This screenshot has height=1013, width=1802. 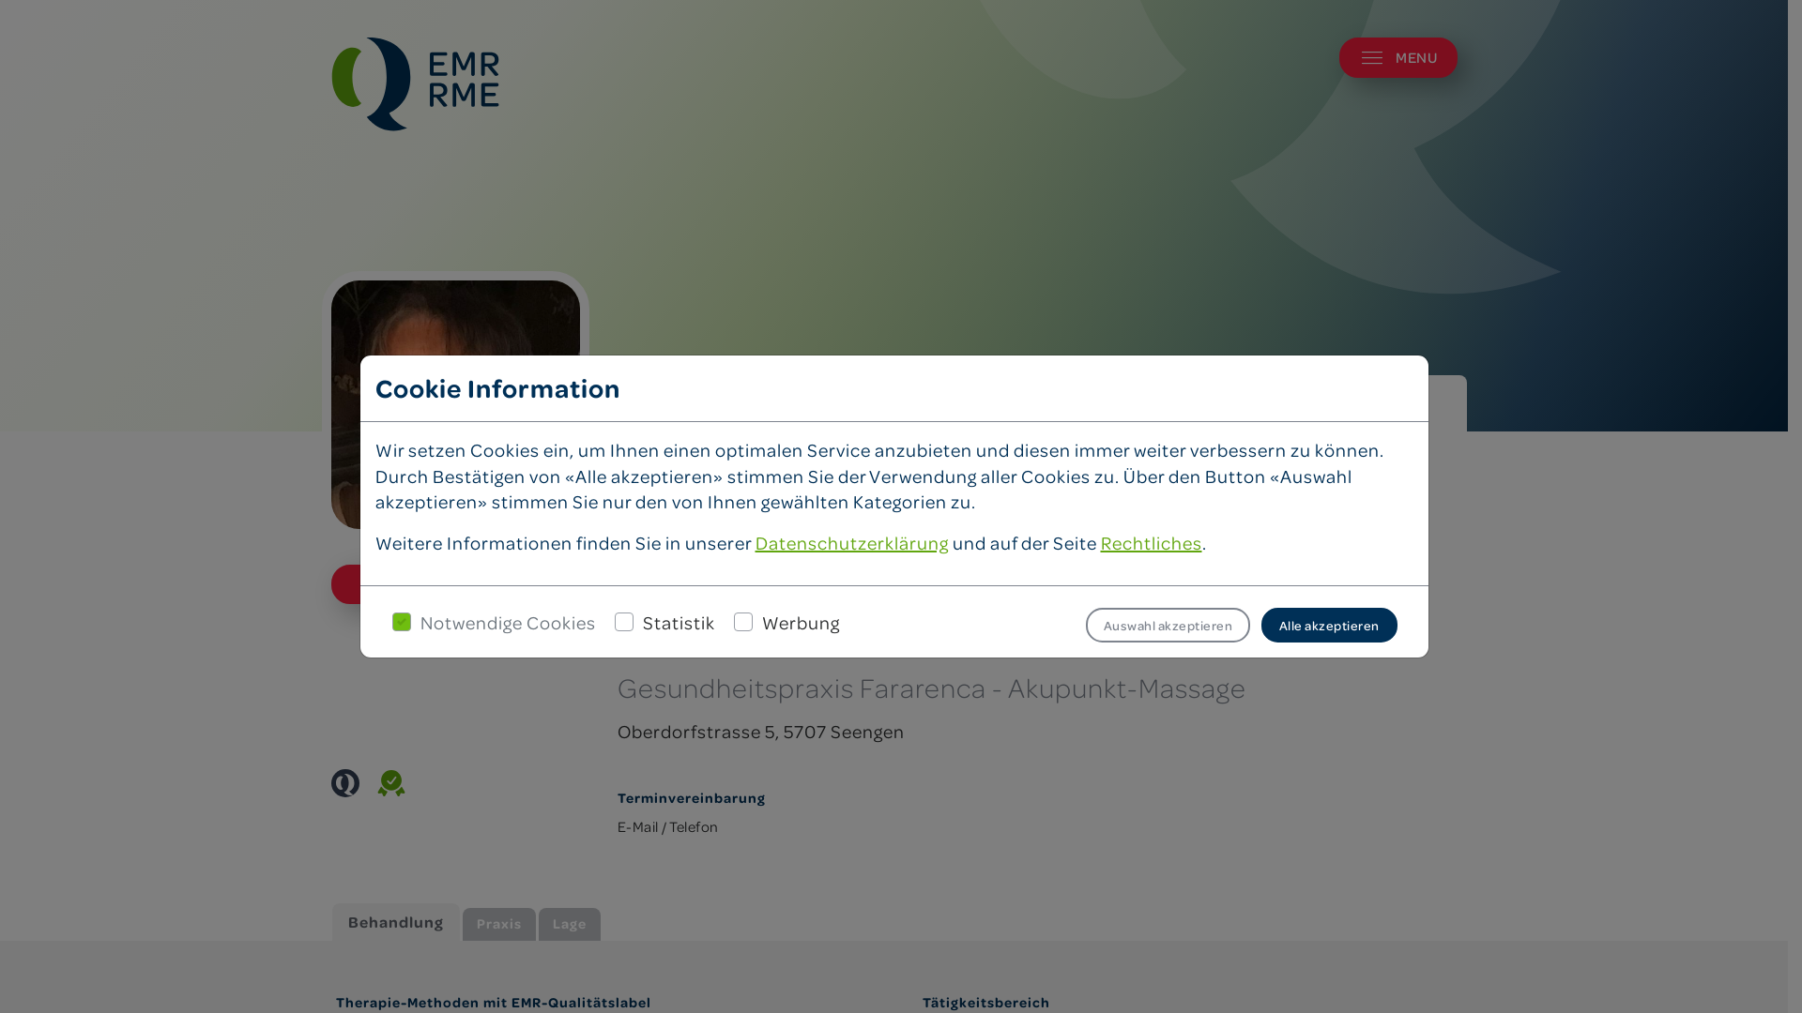 What do you see at coordinates (568, 924) in the screenshot?
I see `'Lage'` at bounding box center [568, 924].